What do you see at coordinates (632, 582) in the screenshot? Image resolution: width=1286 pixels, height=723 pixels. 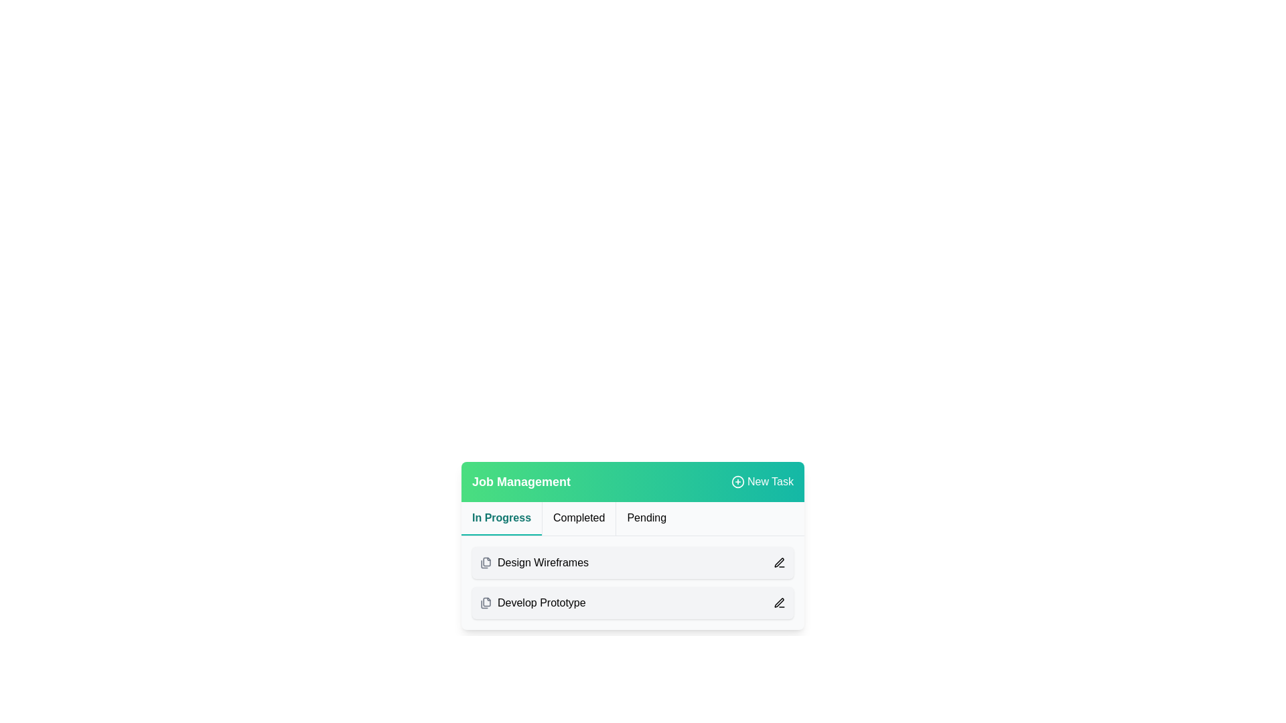 I see `the first list item labeled 'Design Wireframes' under the 'Job Management' section` at bounding box center [632, 582].